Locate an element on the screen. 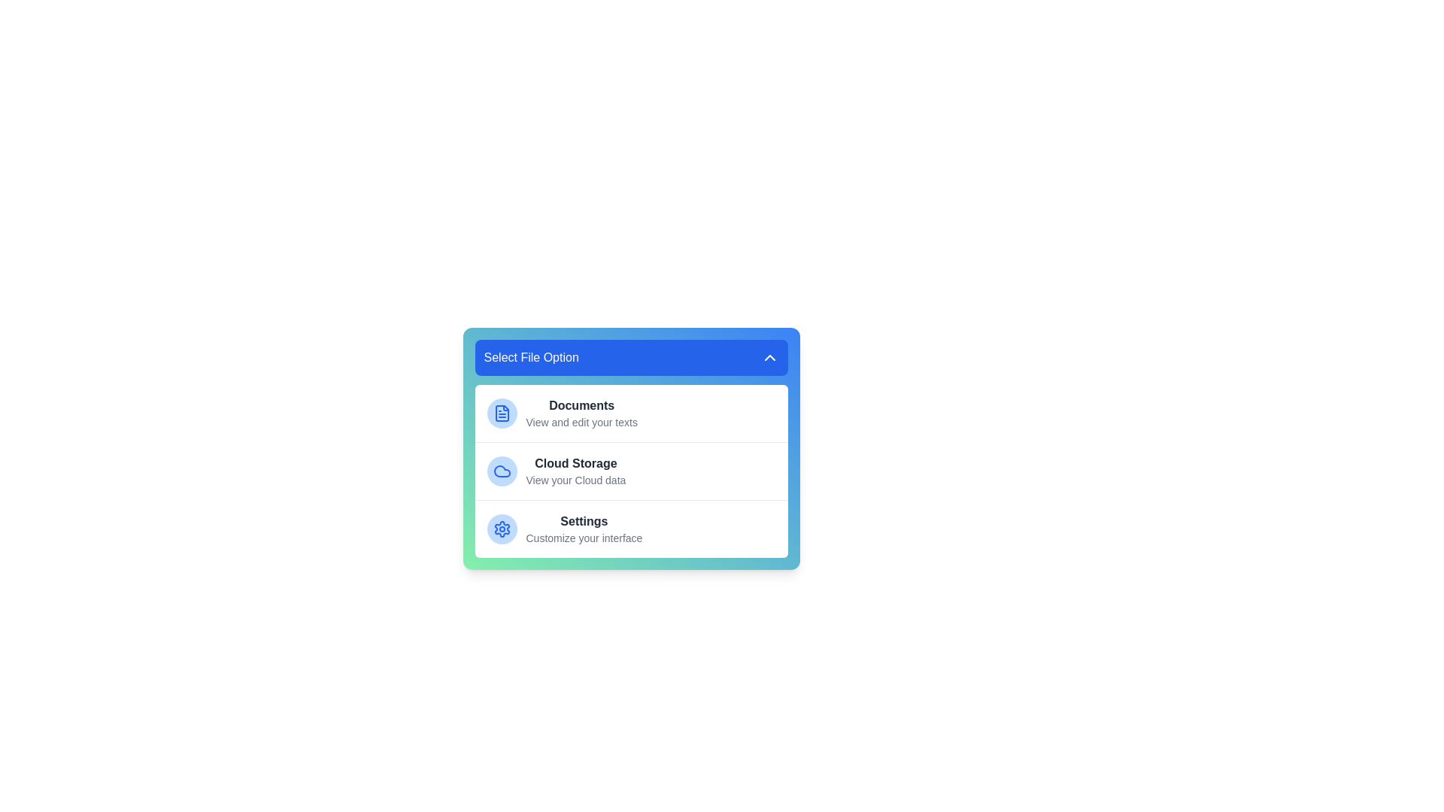  the 'Documents' label located at the top of the menu card under 'Select File Option', which serves as a header for the section is located at coordinates (581, 406).